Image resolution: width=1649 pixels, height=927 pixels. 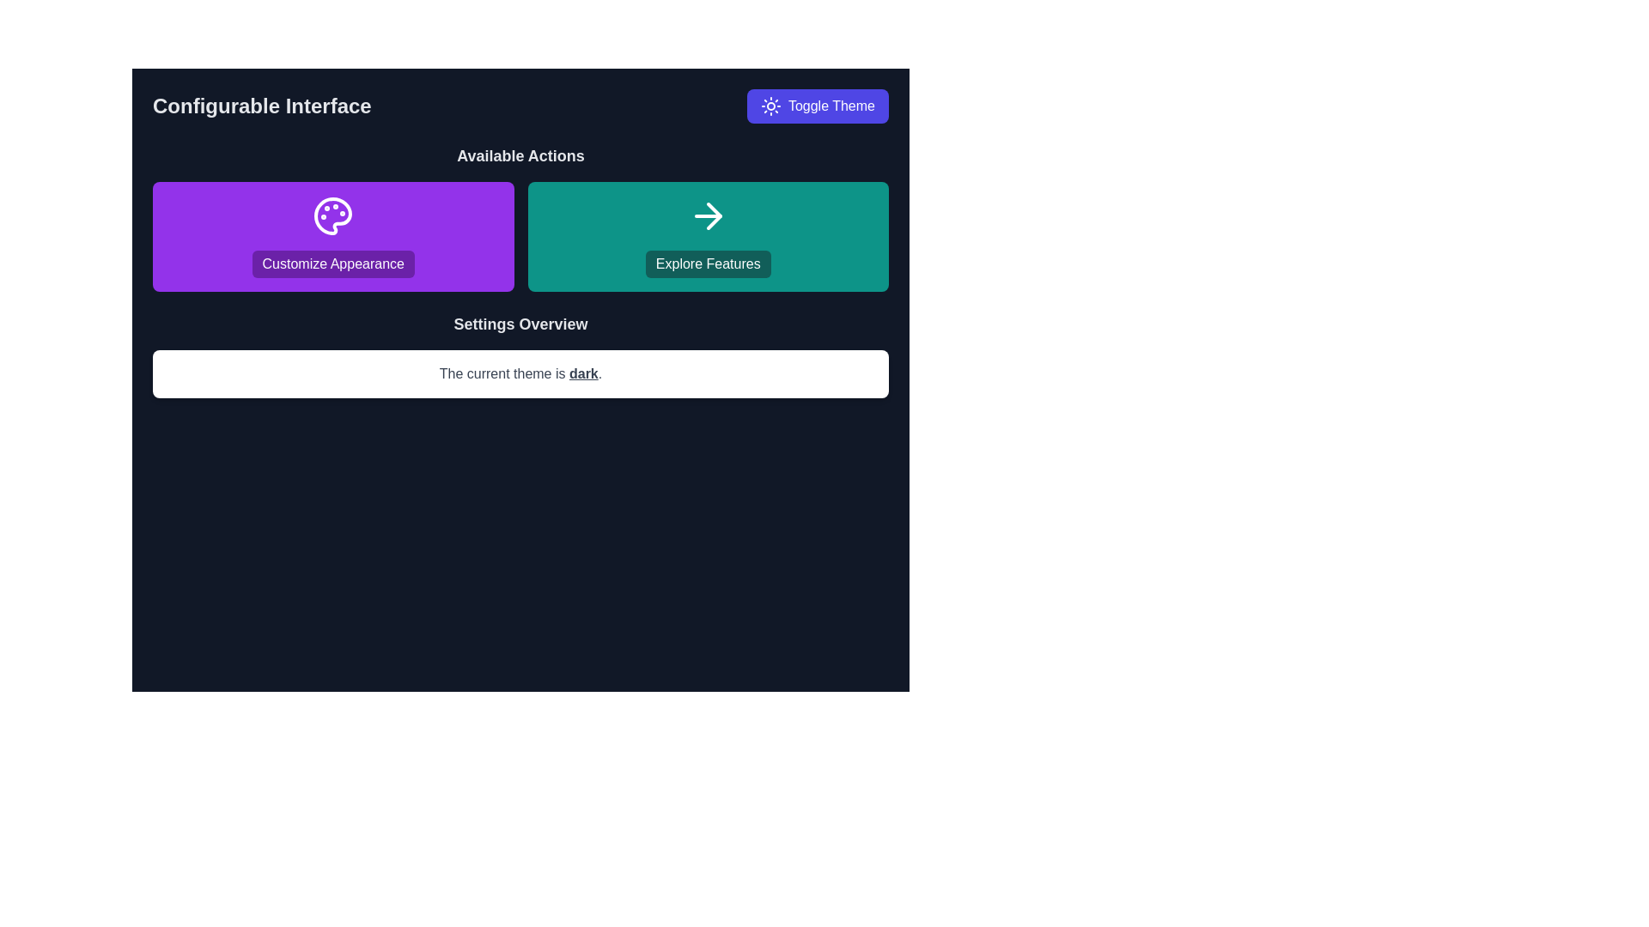 What do you see at coordinates (520, 373) in the screenshot?
I see `the Text Display indicating the current theme setting, which shows 'dark' and is located beneath the 'Settings Overview' section` at bounding box center [520, 373].